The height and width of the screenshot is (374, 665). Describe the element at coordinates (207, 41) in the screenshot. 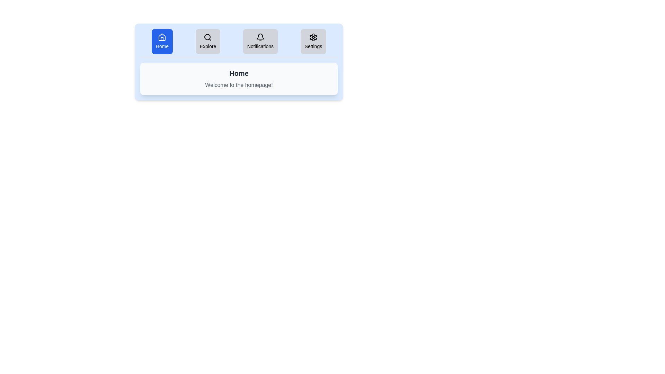

I see `the tab labeled Explore` at that location.